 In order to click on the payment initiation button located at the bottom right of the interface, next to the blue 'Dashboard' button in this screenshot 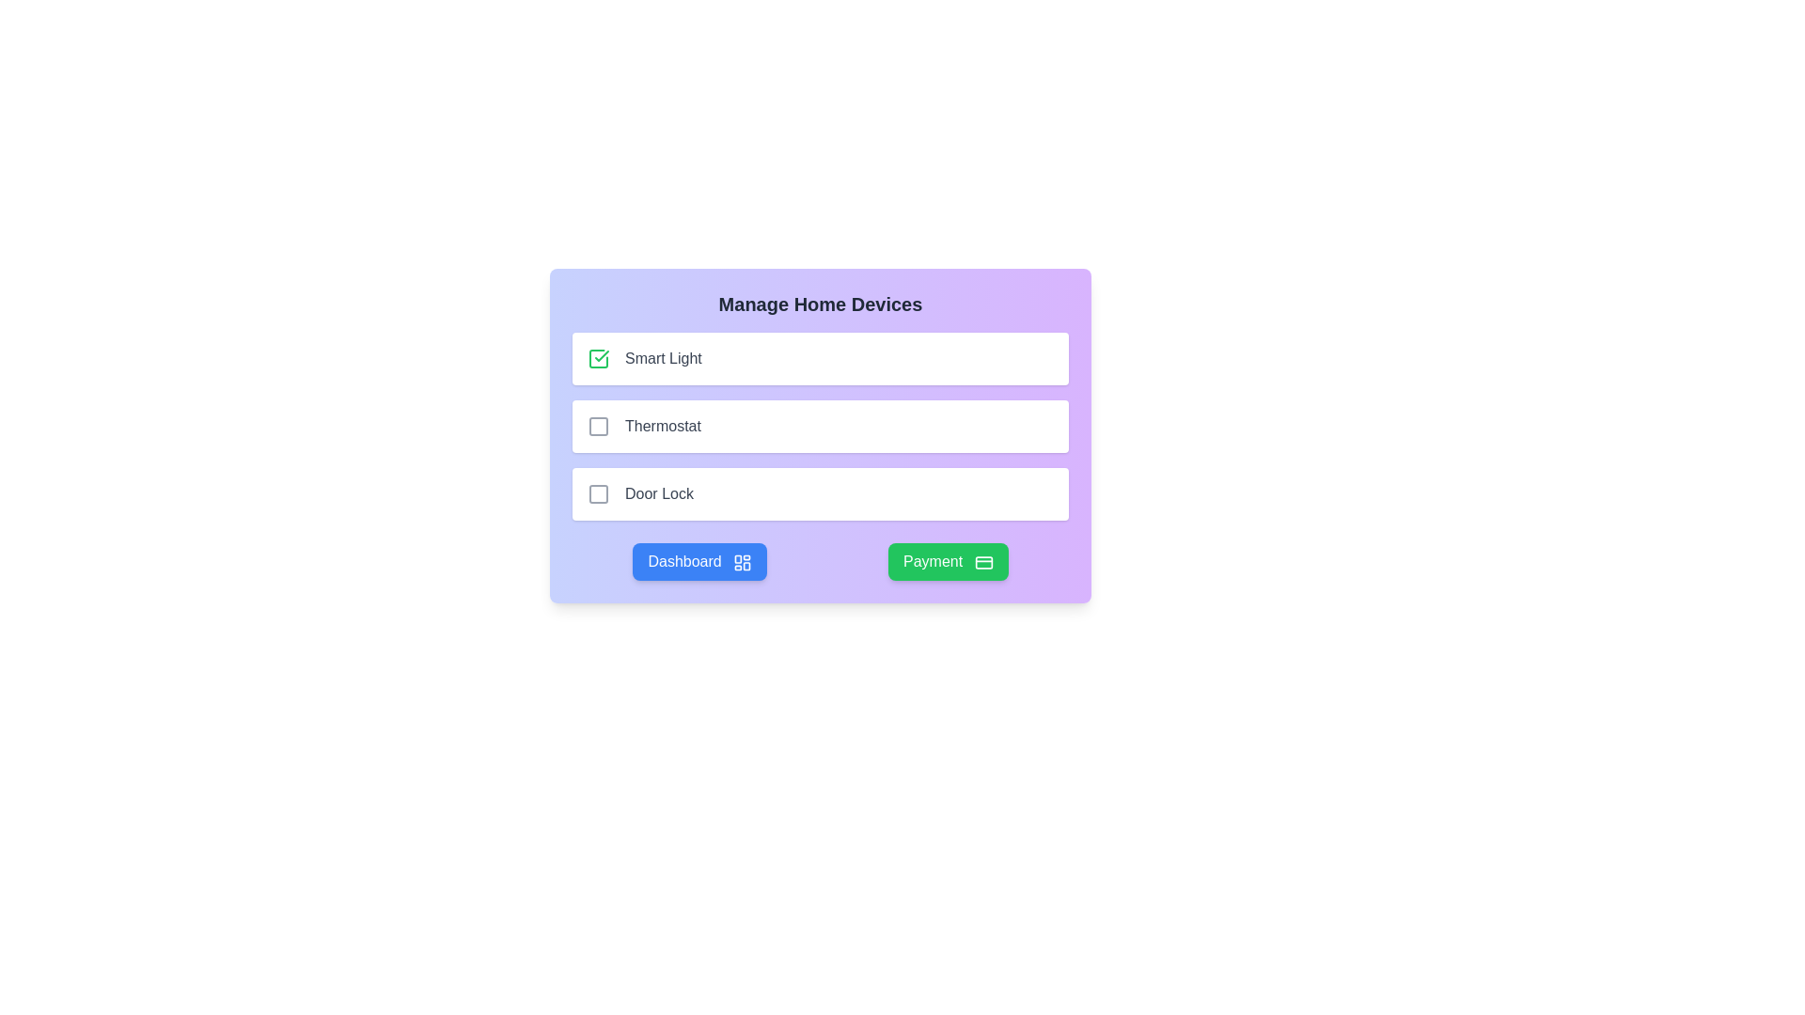, I will do `click(948, 560)`.